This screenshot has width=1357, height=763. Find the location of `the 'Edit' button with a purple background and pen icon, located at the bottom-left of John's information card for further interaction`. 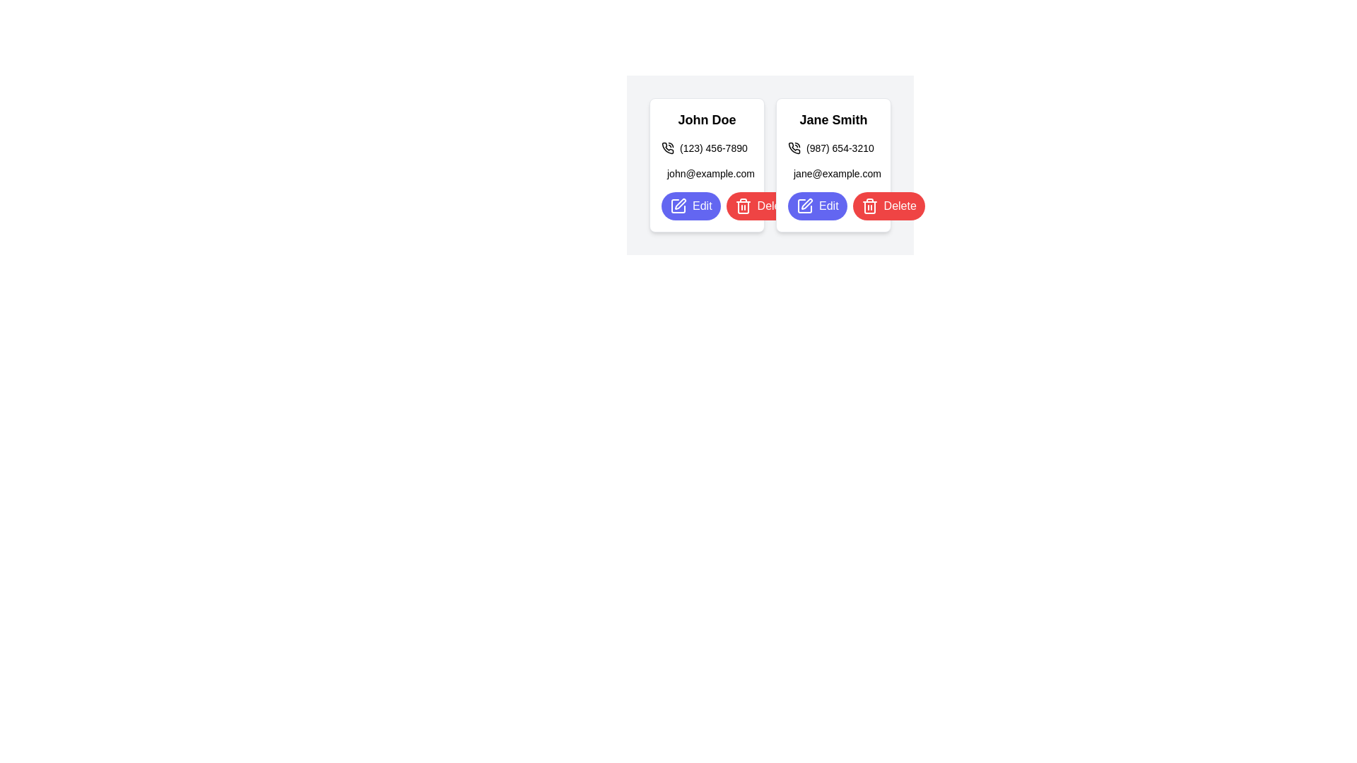

the 'Edit' button with a purple background and pen icon, located at the bottom-left of John's information card for further interaction is located at coordinates (707, 206).